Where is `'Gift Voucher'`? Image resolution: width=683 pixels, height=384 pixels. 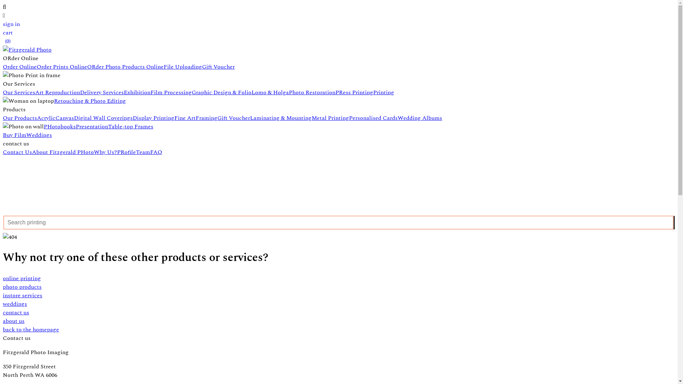
'Gift Voucher' is located at coordinates (201, 67).